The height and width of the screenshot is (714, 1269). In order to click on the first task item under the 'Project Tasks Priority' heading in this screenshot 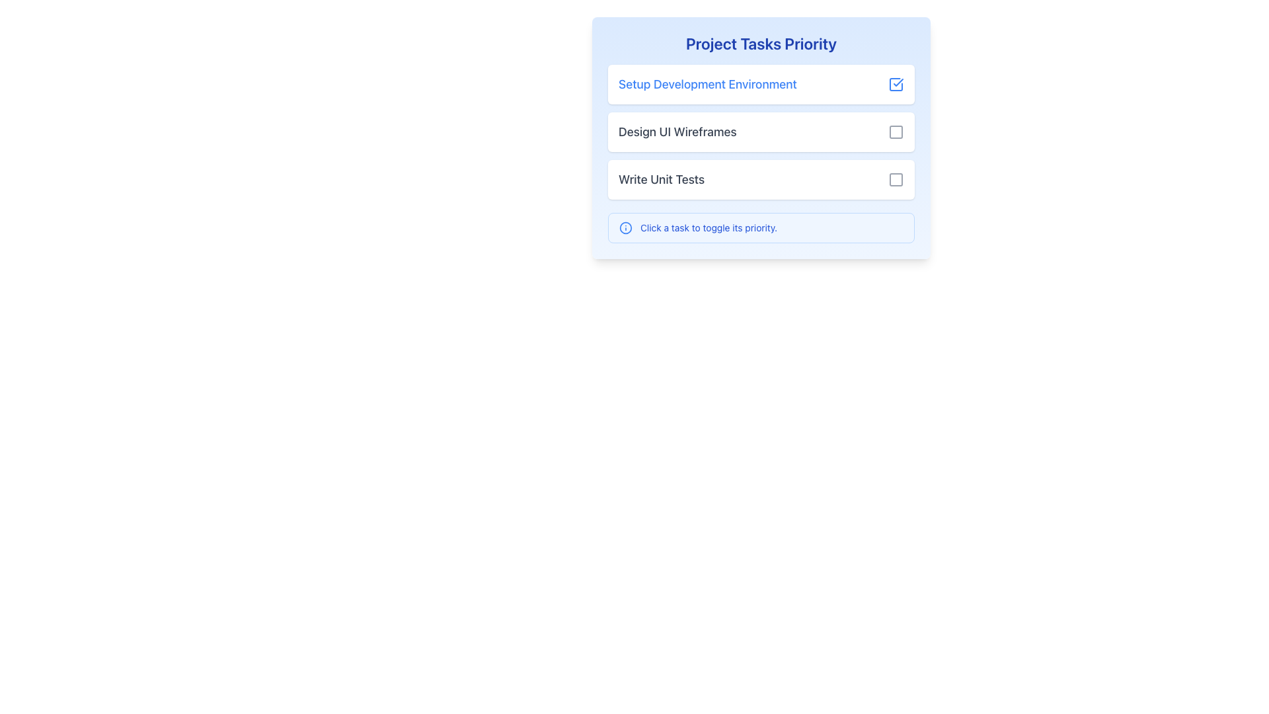, I will do `click(761, 84)`.